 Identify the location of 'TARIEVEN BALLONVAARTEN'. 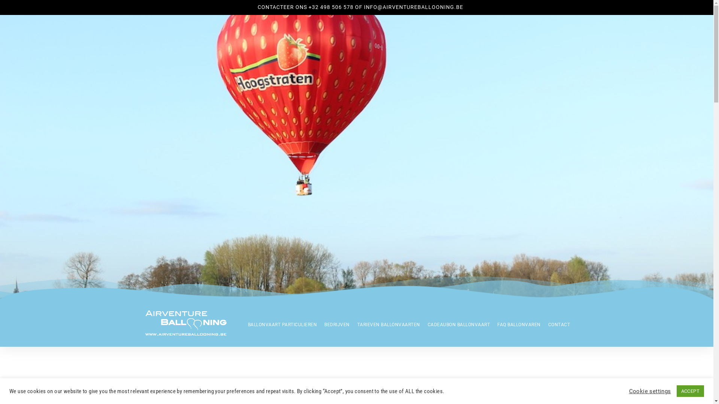
(357, 324).